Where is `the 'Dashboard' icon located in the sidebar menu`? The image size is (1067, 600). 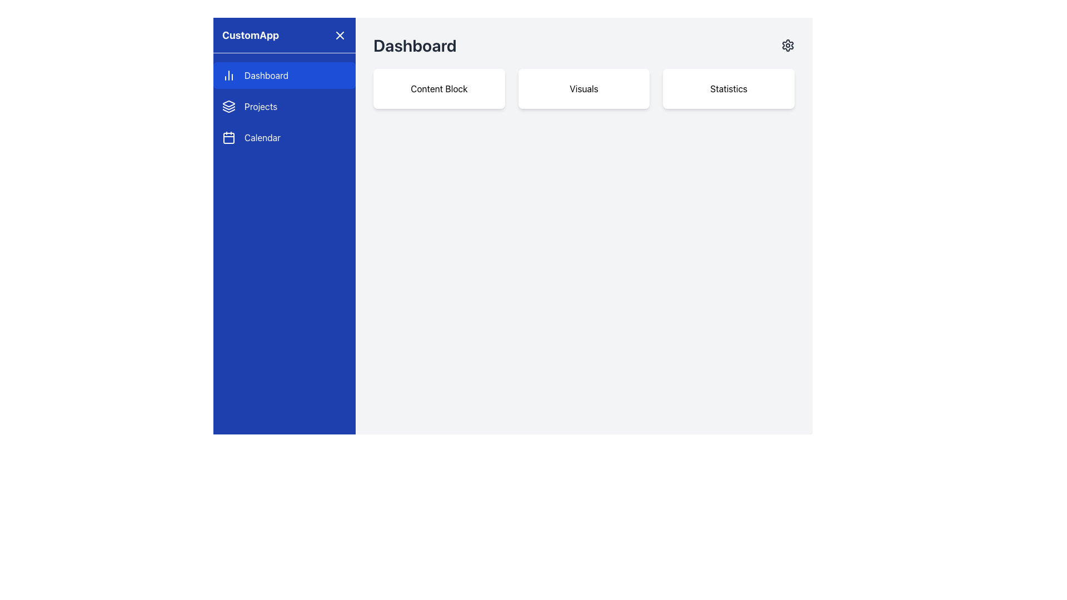 the 'Dashboard' icon located in the sidebar menu is located at coordinates (228, 75).